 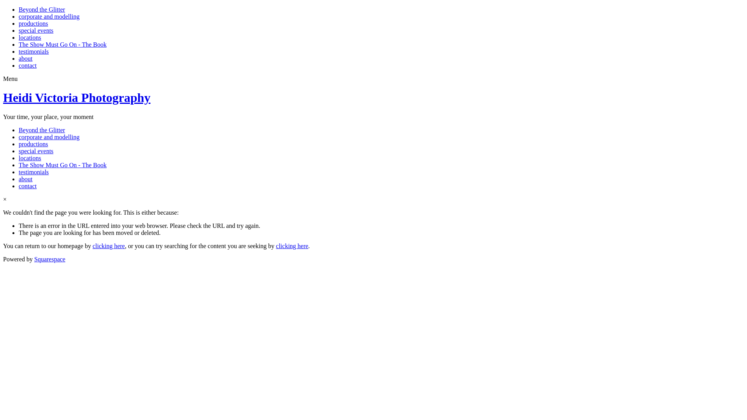 What do you see at coordinates (33, 23) in the screenshot?
I see `'productions'` at bounding box center [33, 23].